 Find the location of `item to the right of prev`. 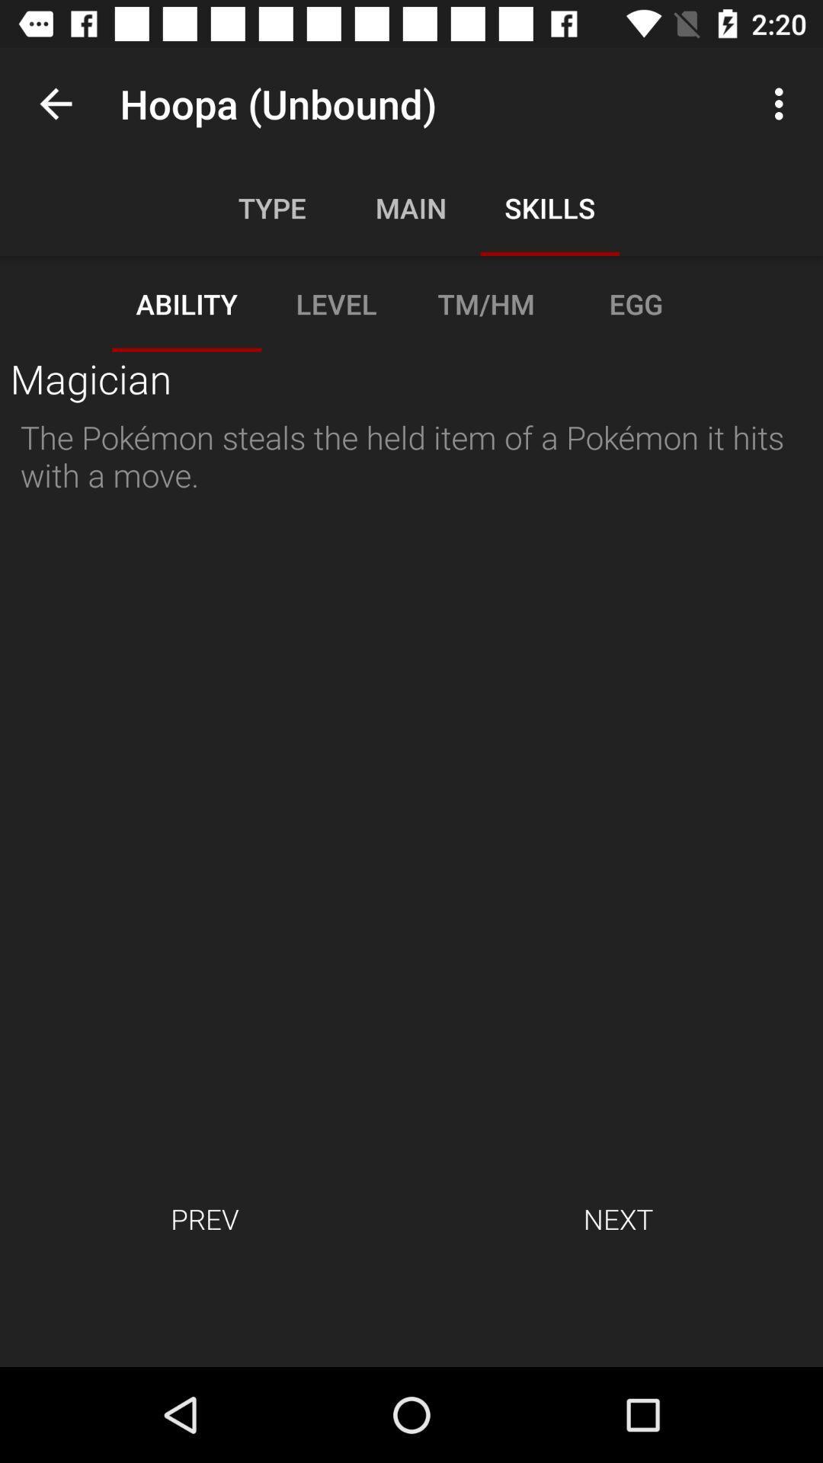

item to the right of prev is located at coordinates (618, 1218).